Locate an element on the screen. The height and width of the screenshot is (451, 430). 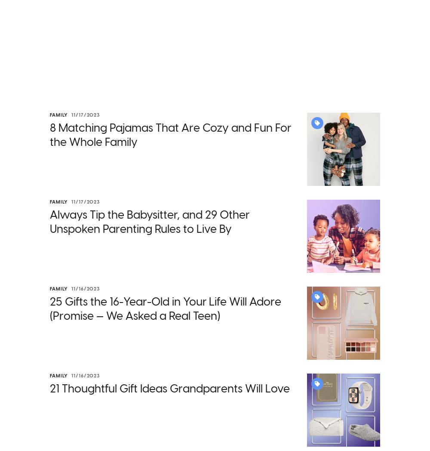
'The Harsh Reality of Daycare Costs Forced Me to Quit My Job' is located at coordinates (217, 407).